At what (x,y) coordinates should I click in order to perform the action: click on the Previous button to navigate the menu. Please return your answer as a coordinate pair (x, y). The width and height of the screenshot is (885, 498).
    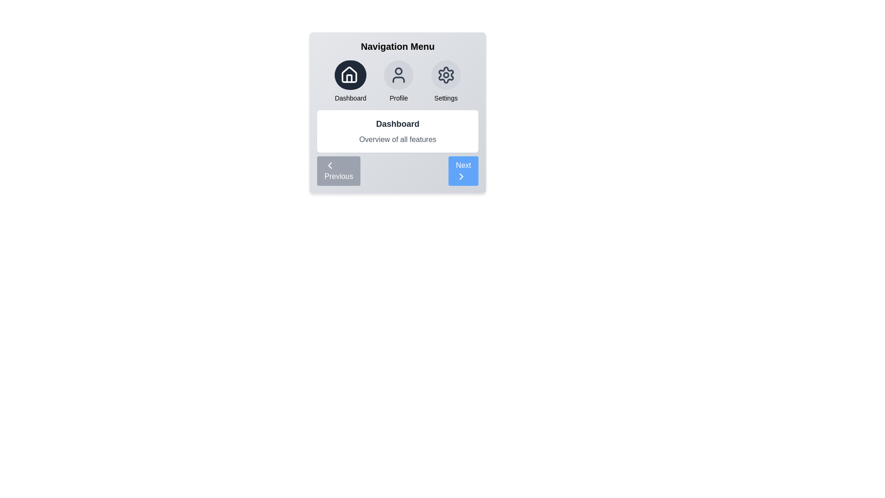
    Looking at the image, I should click on (338, 171).